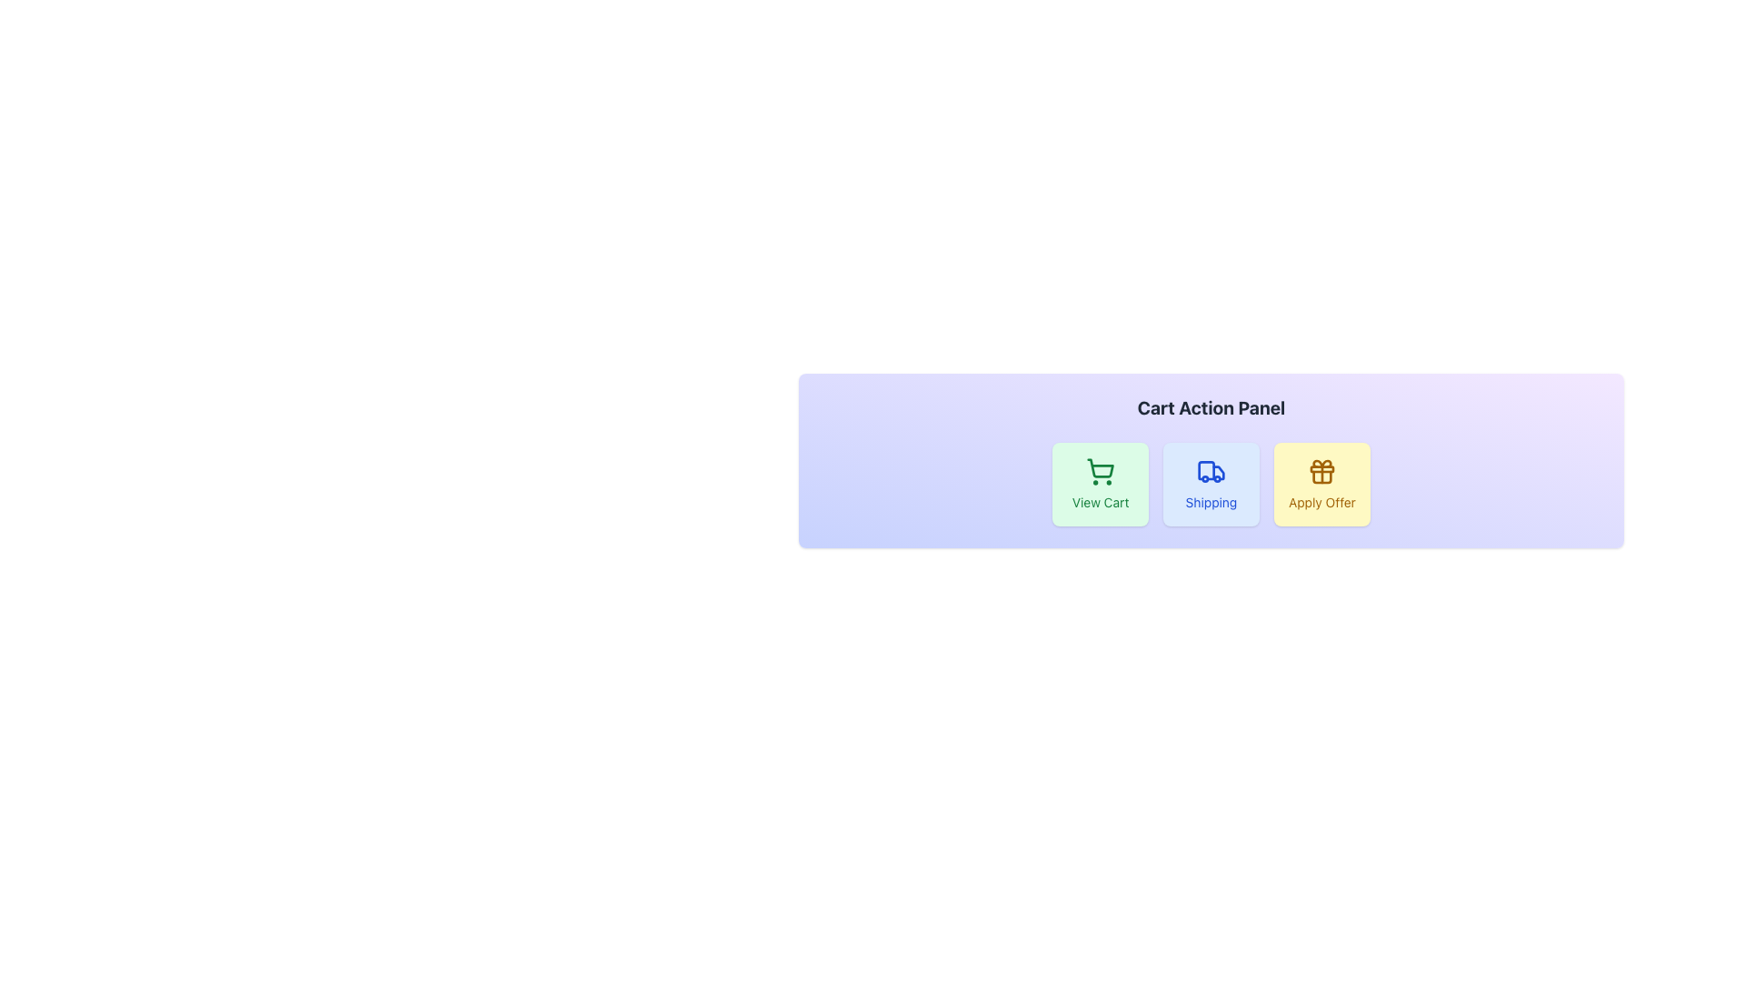 The image size is (1745, 982). I want to click on the first button from the left in the group of buttons, which navigates to the shopping cart page, so click(1100, 483).